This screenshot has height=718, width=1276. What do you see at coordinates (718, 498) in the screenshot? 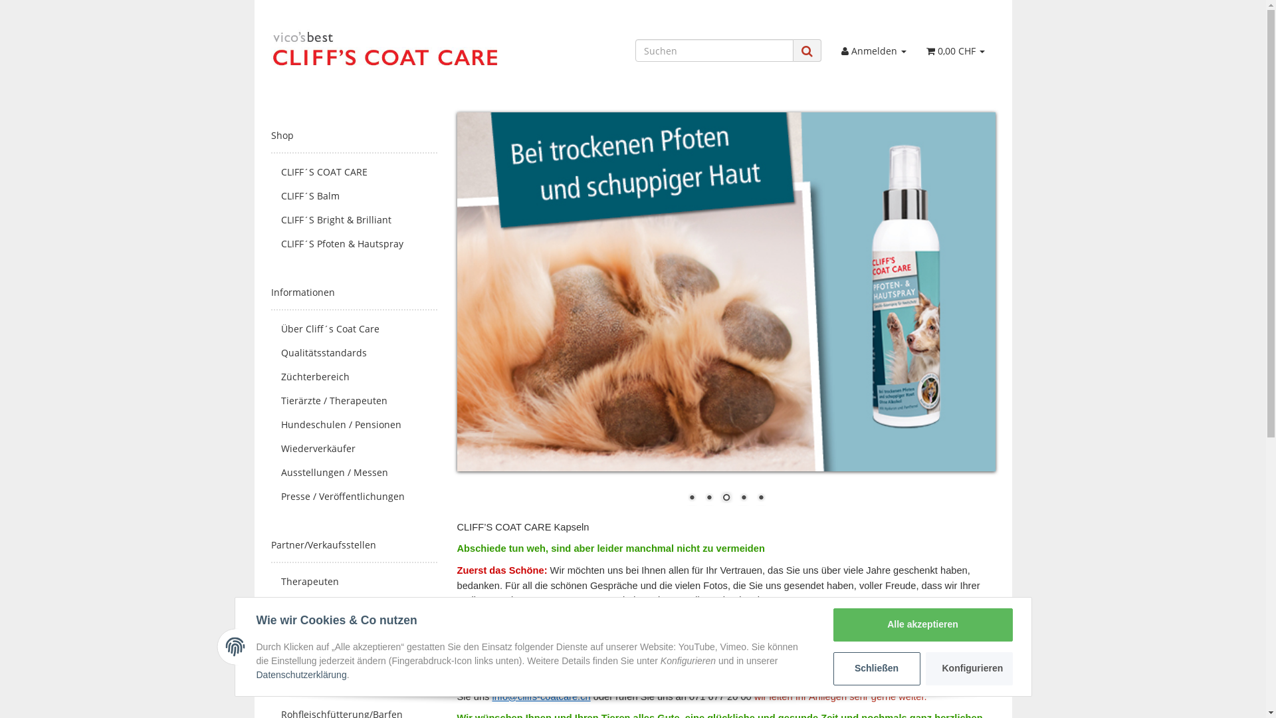
I see `'3'` at bounding box center [718, 498].